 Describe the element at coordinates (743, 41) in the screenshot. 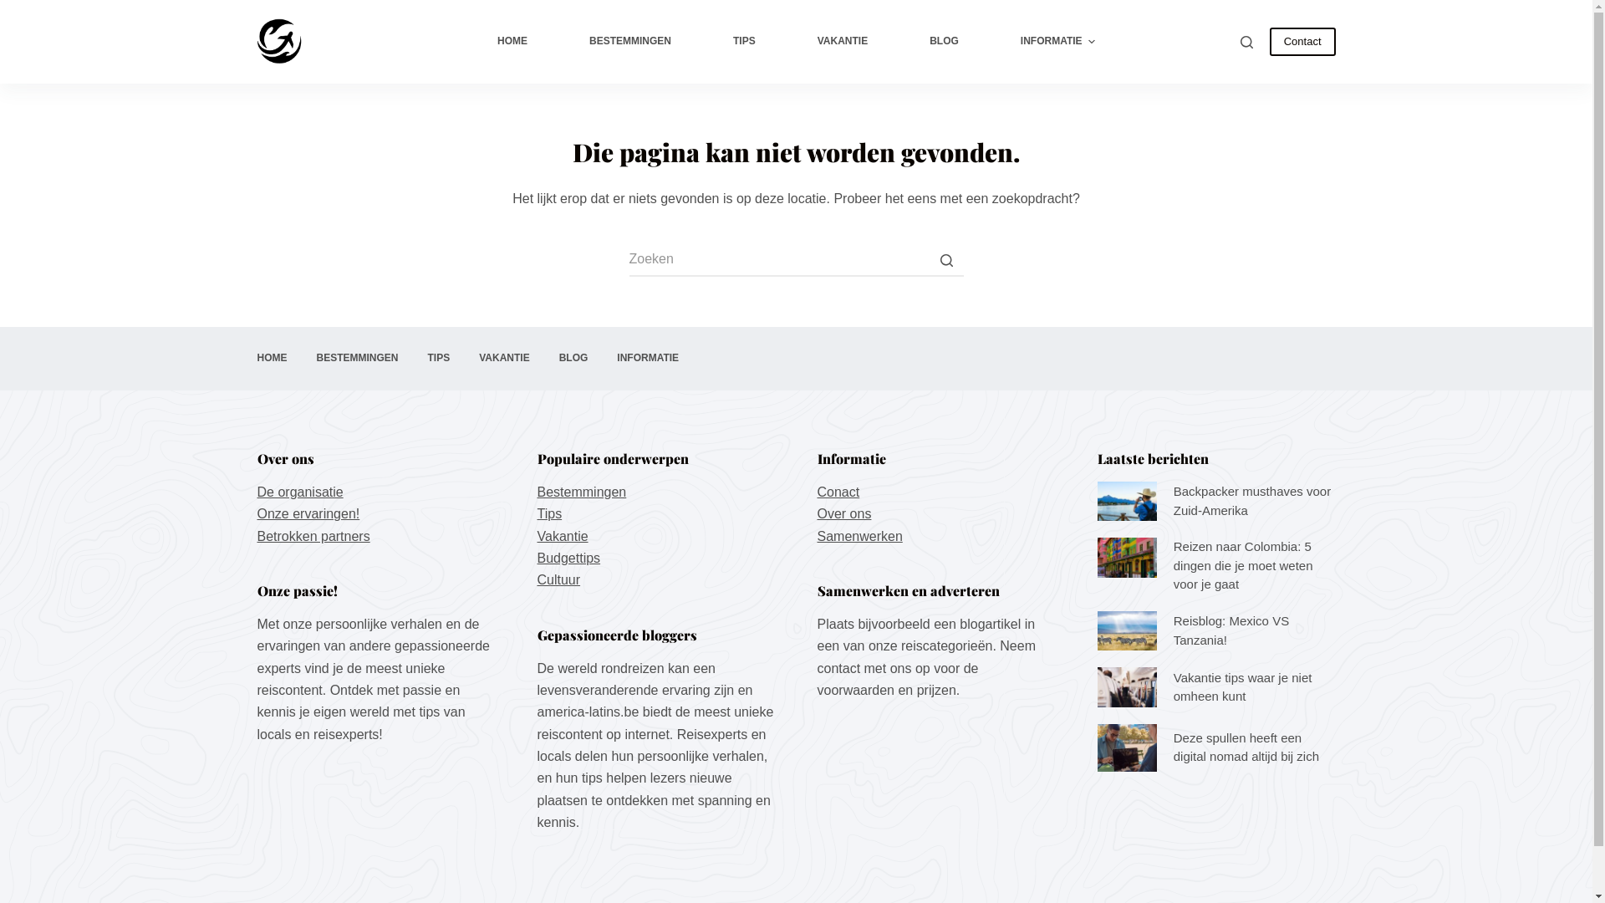

I see `'TIPS'` at that location.